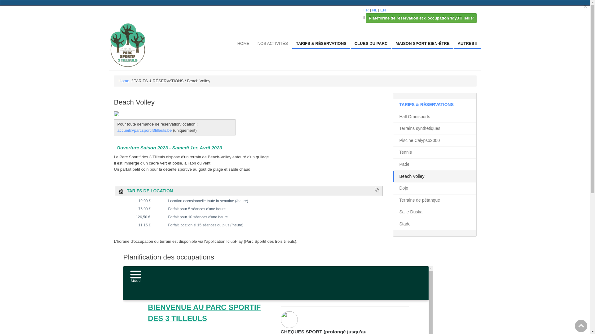  What do you see at coordinates (371, 44) in the screenshot?
I see `'CLUBS DU PARC'` at bounding box center [371, 44].